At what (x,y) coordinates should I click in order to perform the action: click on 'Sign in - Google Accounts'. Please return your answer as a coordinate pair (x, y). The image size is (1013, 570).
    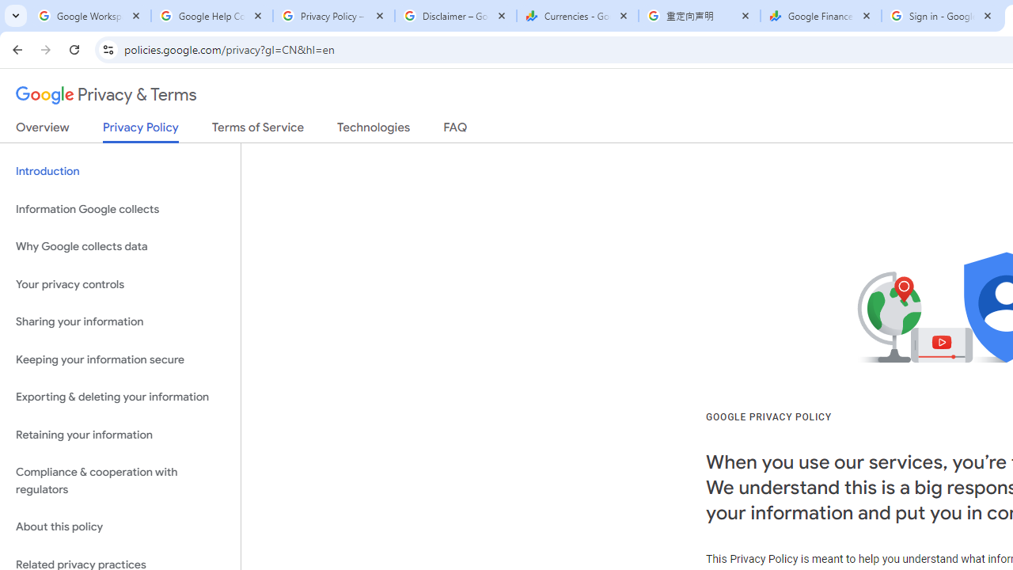
    Looking at the image, I should click on (942, 16).